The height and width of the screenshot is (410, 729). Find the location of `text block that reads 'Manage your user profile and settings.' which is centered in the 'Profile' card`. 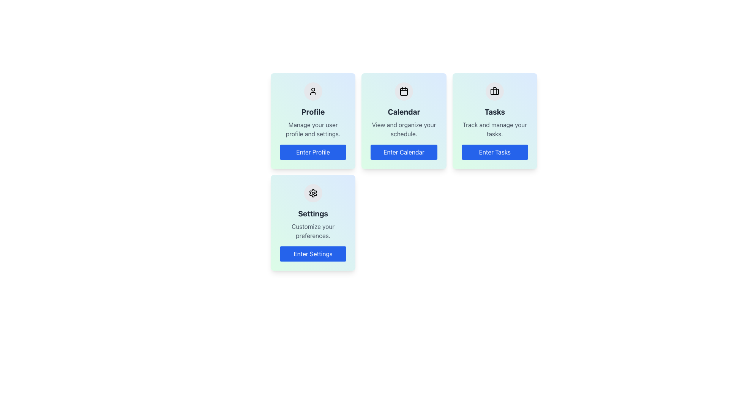

text block that reads 'Manage your user profile and settings.' which is centered in the 'Profile' card is located at coordinates (313, 129).